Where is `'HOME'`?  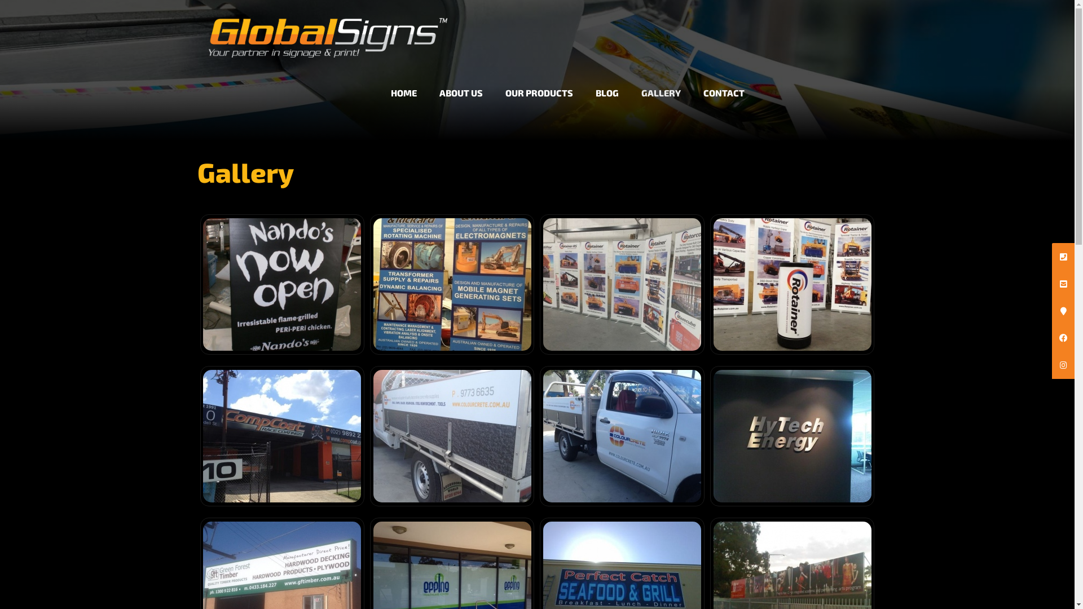
'HOME' is located at coordinates (403, 82).